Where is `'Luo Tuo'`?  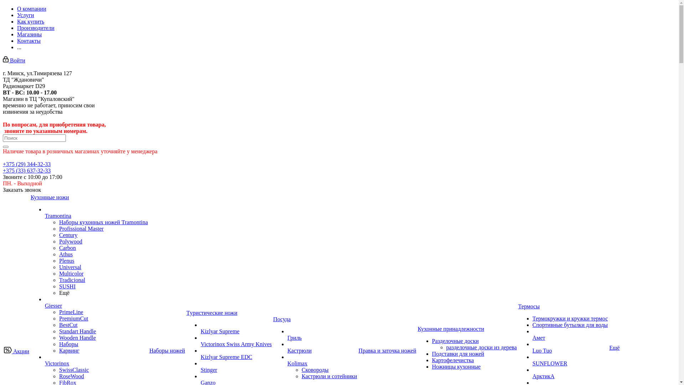 'Luo Tuo' is located at coordinates (542, 350).